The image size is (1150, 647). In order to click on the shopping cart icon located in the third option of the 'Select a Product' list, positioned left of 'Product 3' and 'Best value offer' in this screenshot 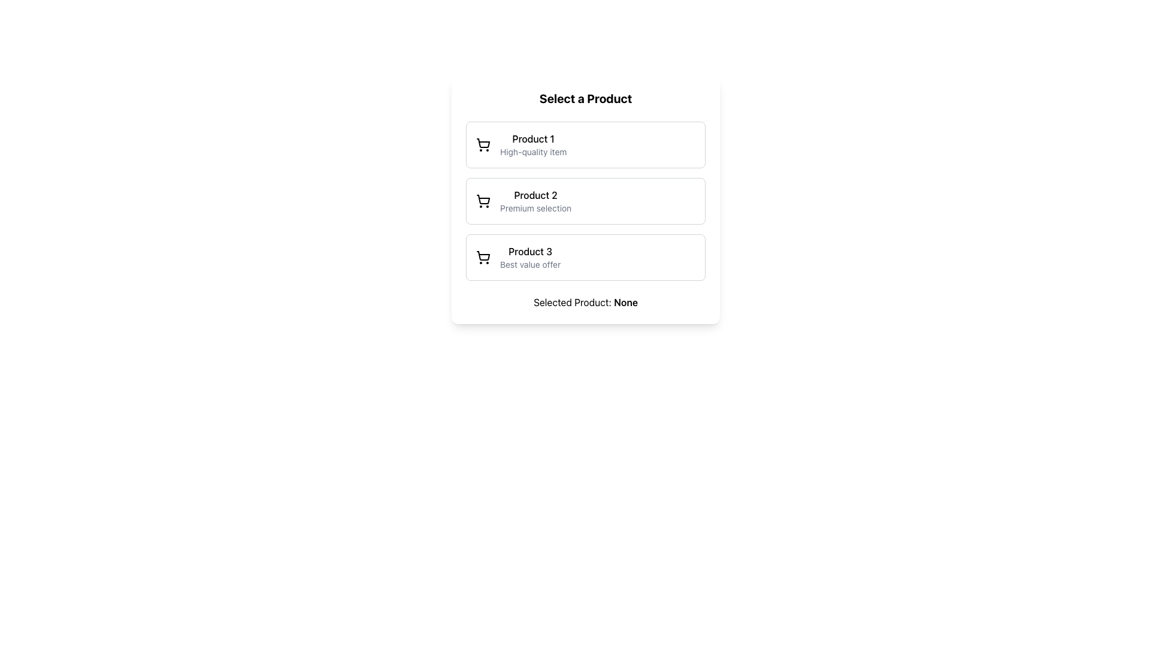, I will do `click(483, 256)`.